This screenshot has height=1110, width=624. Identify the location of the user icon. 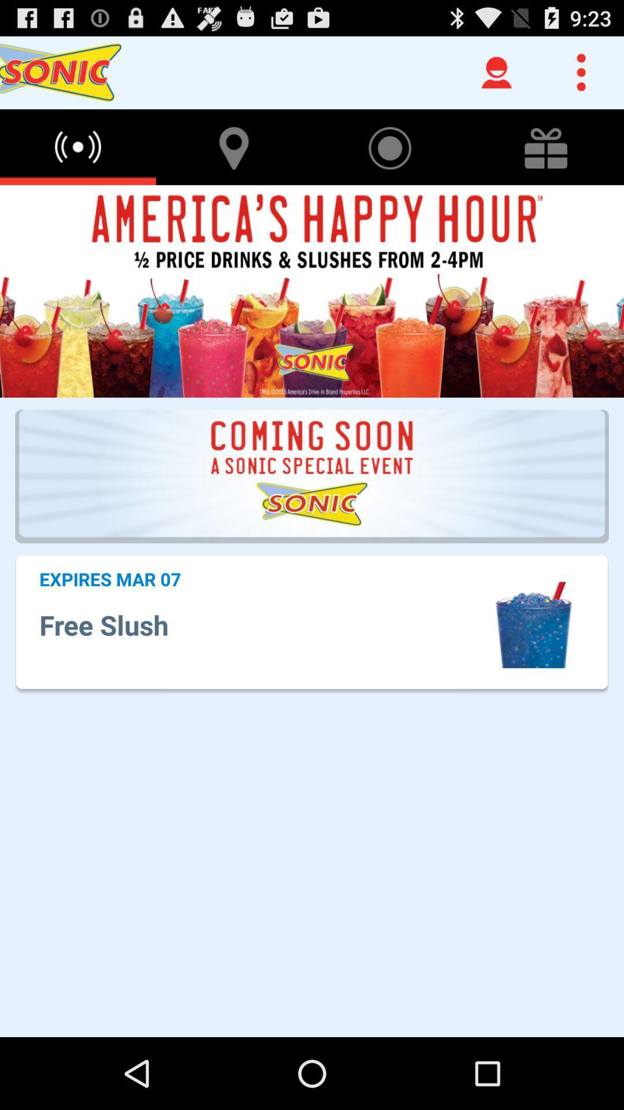
(496, 72).